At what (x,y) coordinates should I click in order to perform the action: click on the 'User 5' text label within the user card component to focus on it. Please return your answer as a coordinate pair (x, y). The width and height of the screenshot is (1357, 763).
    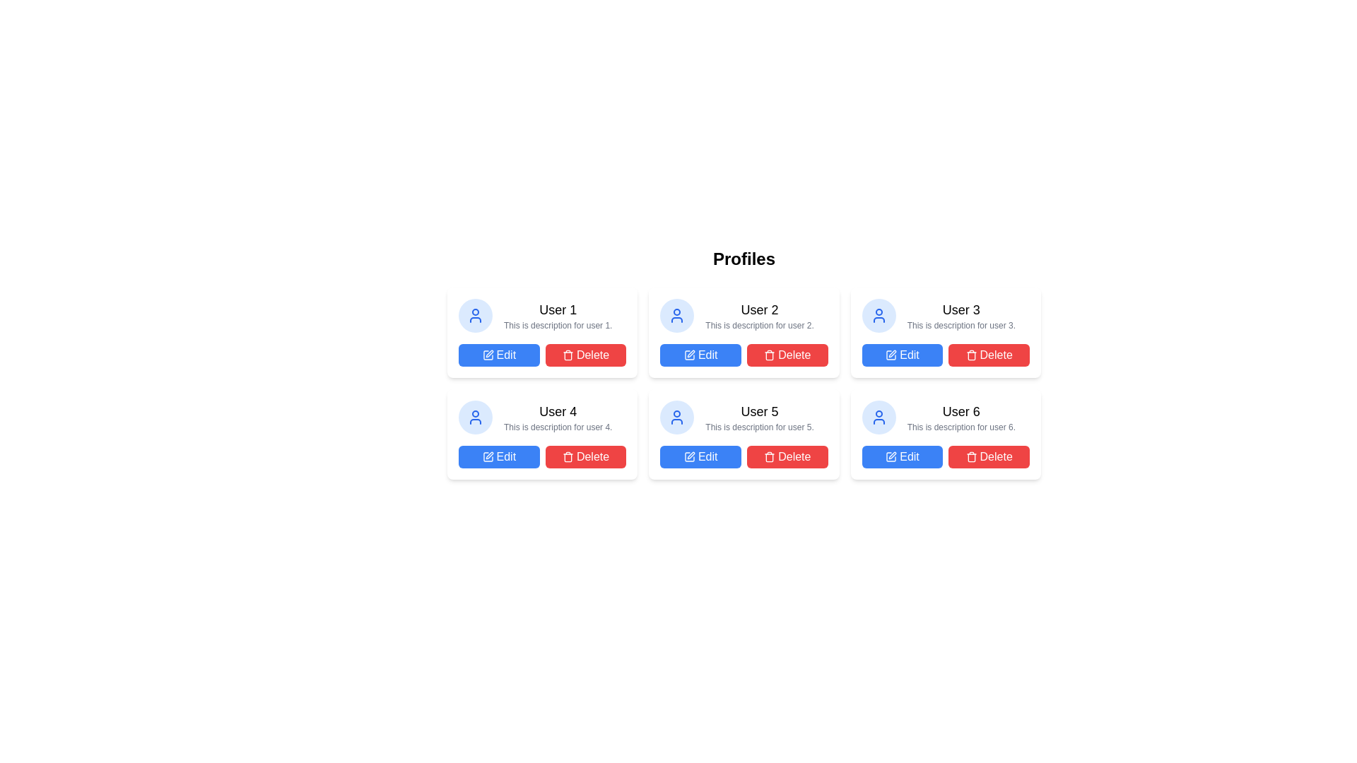
    Looking at the image, I should click on (743, 403).